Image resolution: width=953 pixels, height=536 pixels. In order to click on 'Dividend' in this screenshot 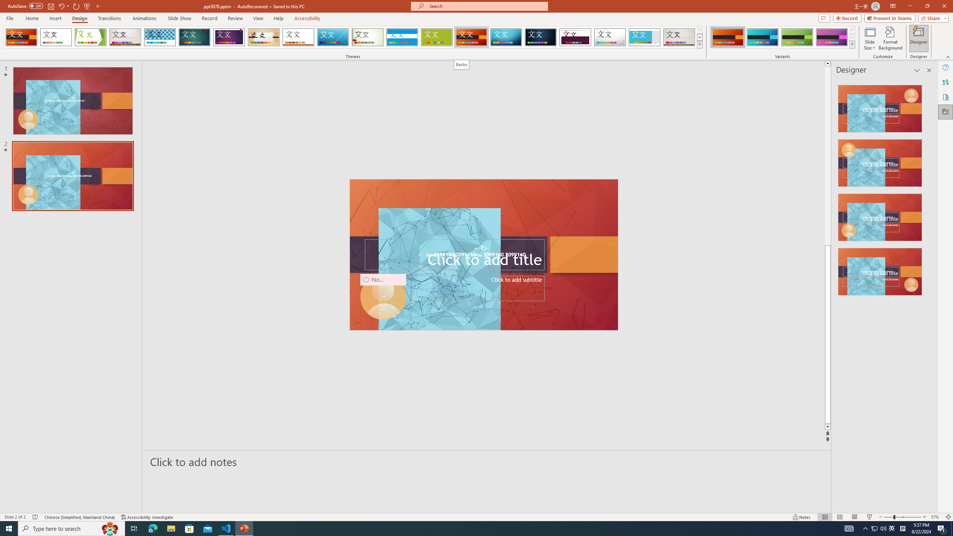, I will do `click(575, 37)`.